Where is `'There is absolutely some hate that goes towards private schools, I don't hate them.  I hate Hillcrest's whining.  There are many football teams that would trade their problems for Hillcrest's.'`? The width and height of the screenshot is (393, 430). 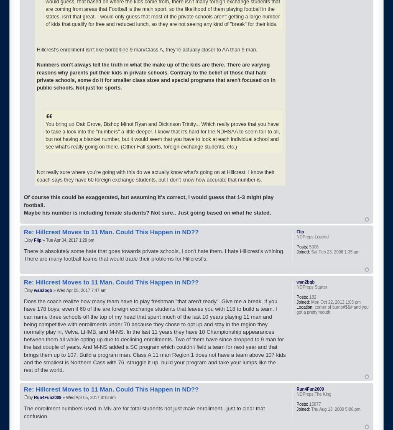
'There is absolutely some hate that goes towards private schools, I don't hate them.  I hate Hillcrest's whining.  There are many football teams that would trade their problems for Hillcrest's.' is located at coordinates (153, 254).